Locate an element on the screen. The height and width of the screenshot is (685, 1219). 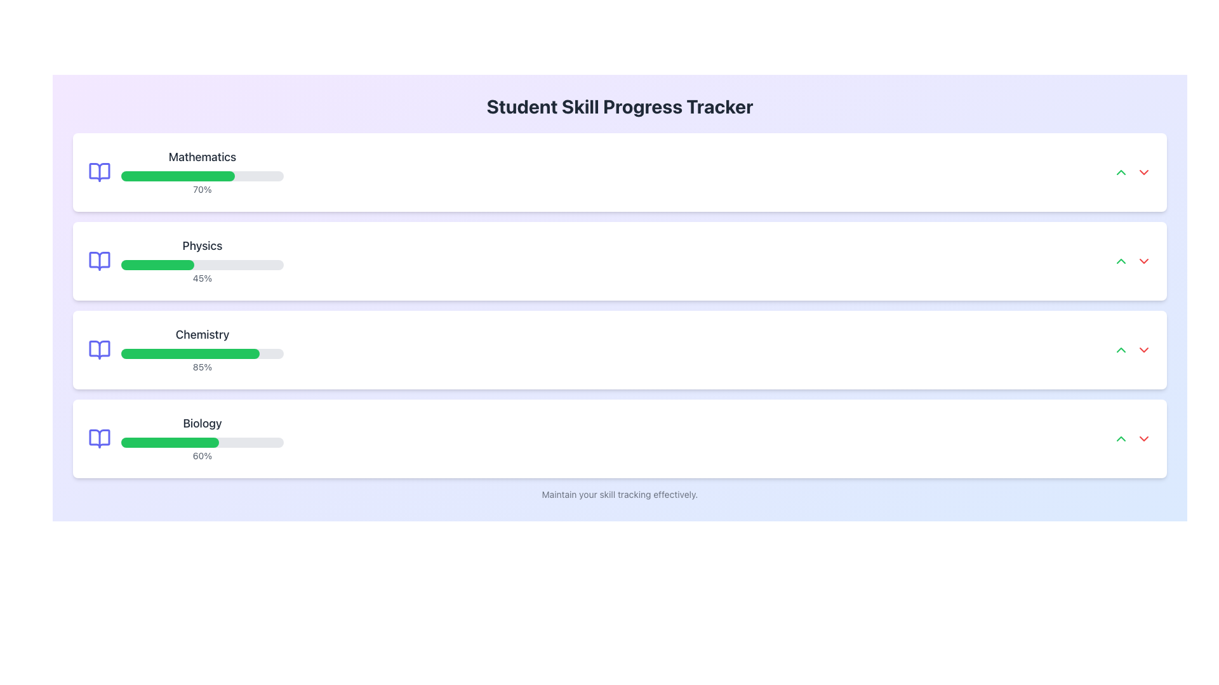
the progress bar located below the 'Biology' text, which is the fourth progress bar in the list of subjects and shows a filled green section representing progress is located at coordinates (201, 442).